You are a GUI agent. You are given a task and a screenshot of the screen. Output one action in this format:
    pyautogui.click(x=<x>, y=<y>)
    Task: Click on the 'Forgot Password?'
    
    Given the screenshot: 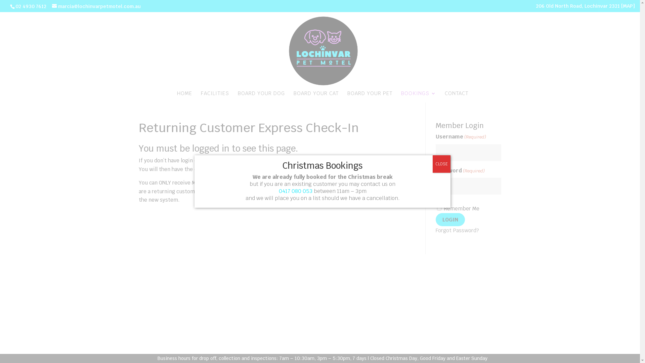 What is the action you would take?
    pyautogui.click(x=457, y=230)
    